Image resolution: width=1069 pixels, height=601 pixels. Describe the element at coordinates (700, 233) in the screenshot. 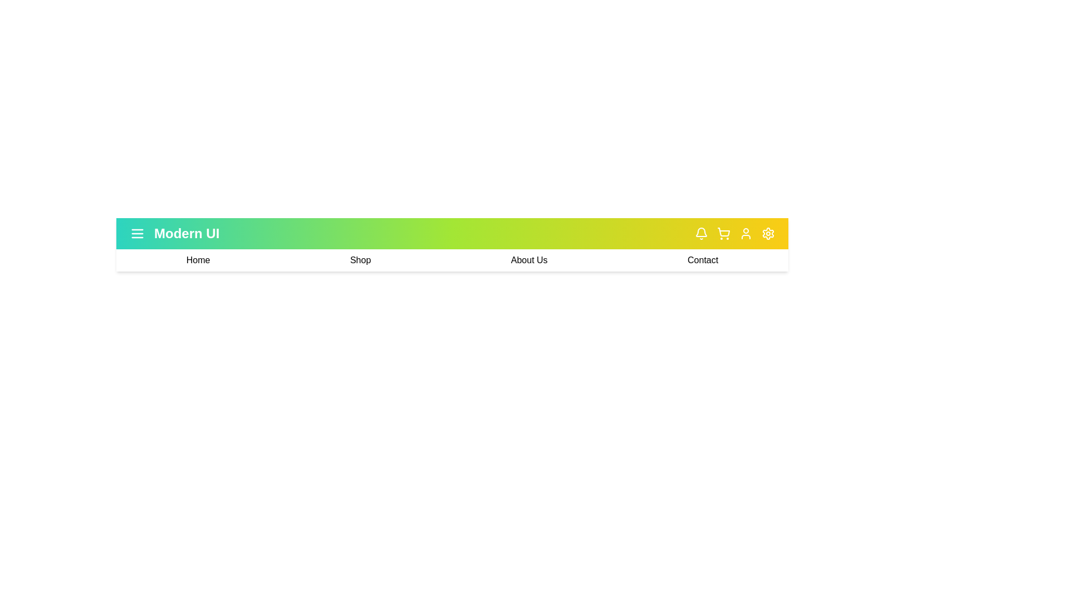

I see `the notification bell icon` at that location.